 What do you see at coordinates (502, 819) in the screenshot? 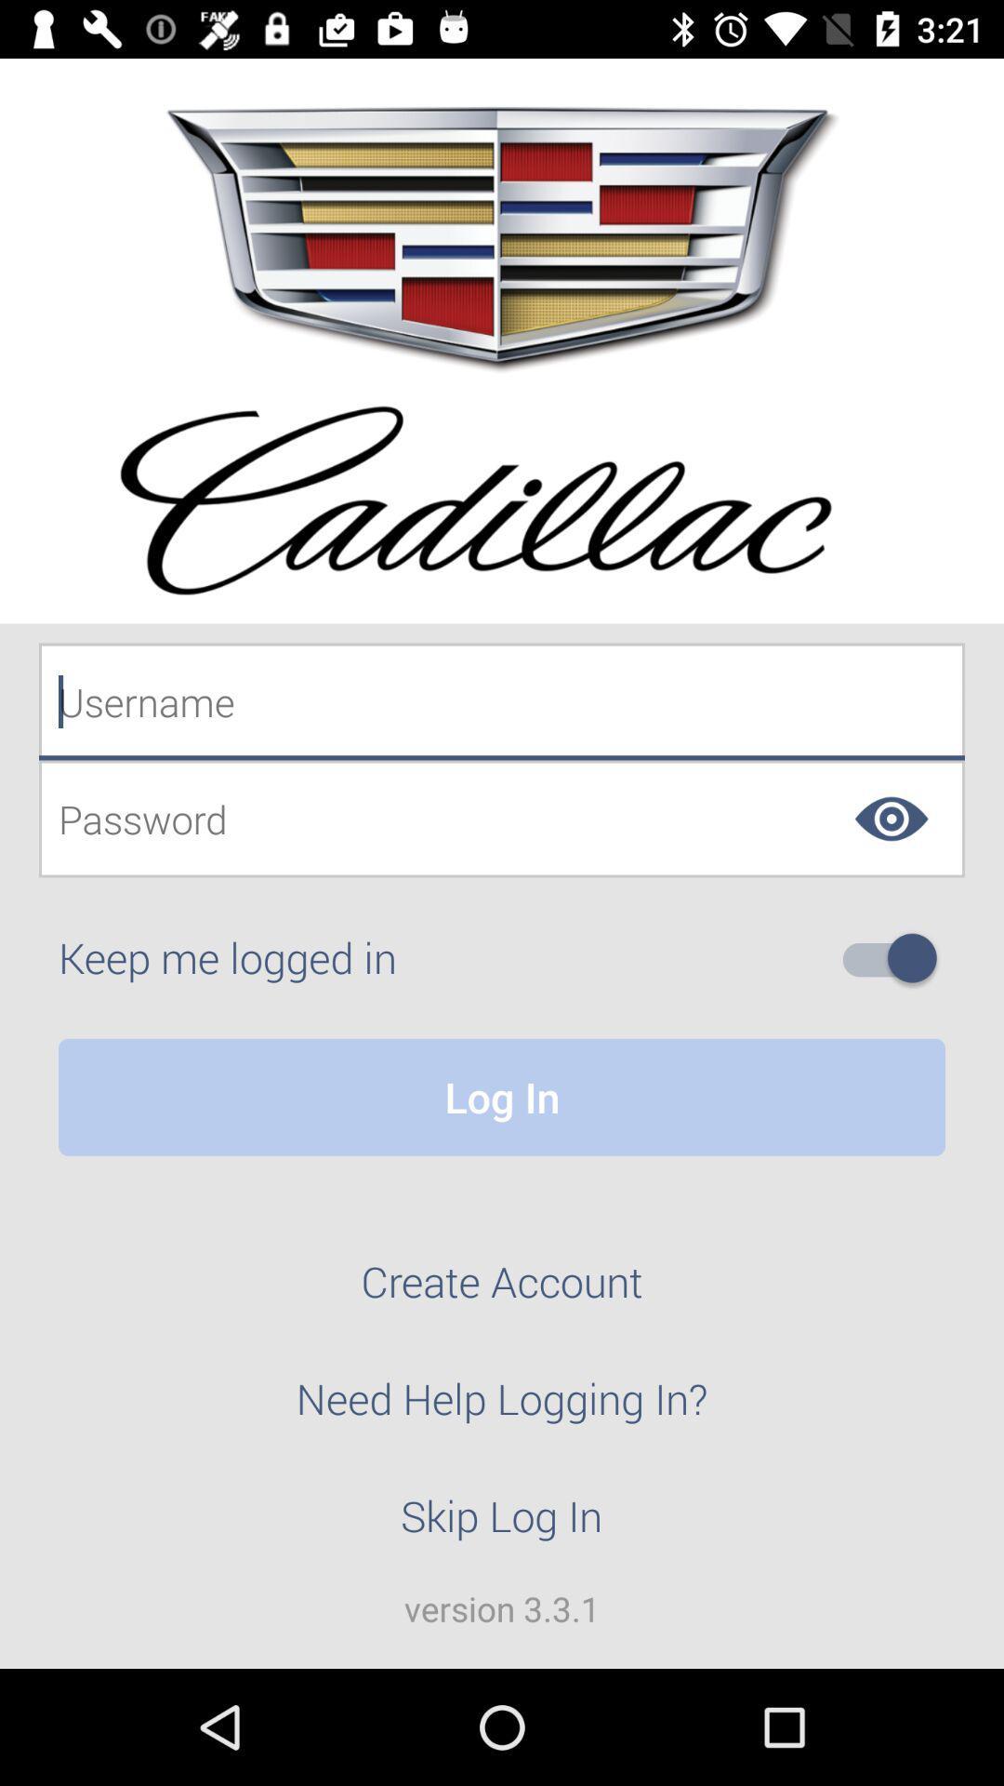
I see `password` at bounding box center [502, 819].